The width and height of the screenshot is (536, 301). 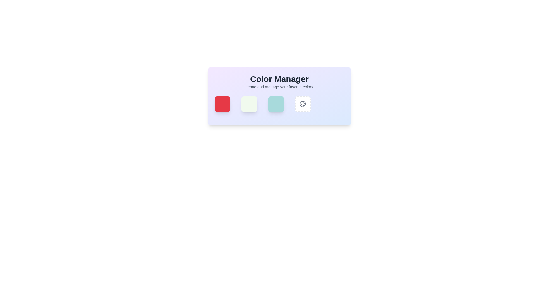 I want to click on the painter's palette icon, which is a circular shape with small circular cutouts resembling paint wells, located in the Color Manager section, so click(x=302, y=104).